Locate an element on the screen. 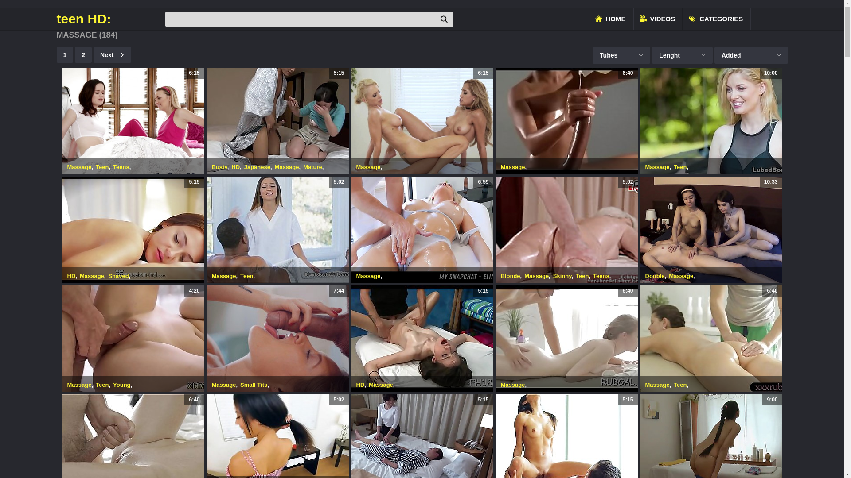  'Busty' is located at coordinates (219, 167).